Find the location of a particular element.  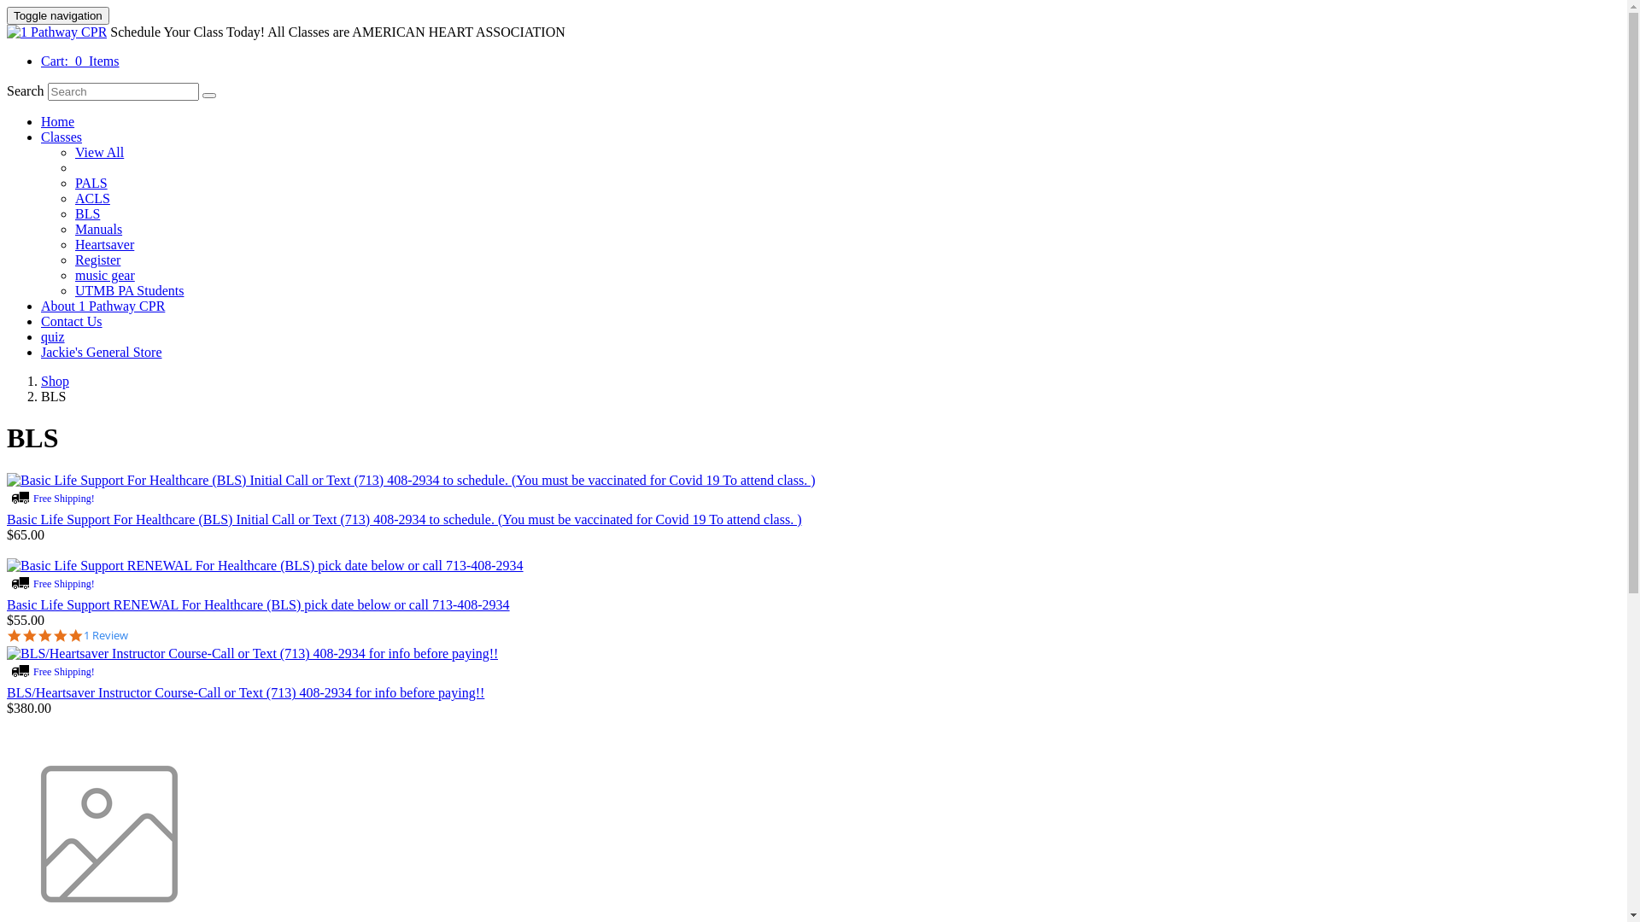

'BLS' is located at coordinates (73, 213).